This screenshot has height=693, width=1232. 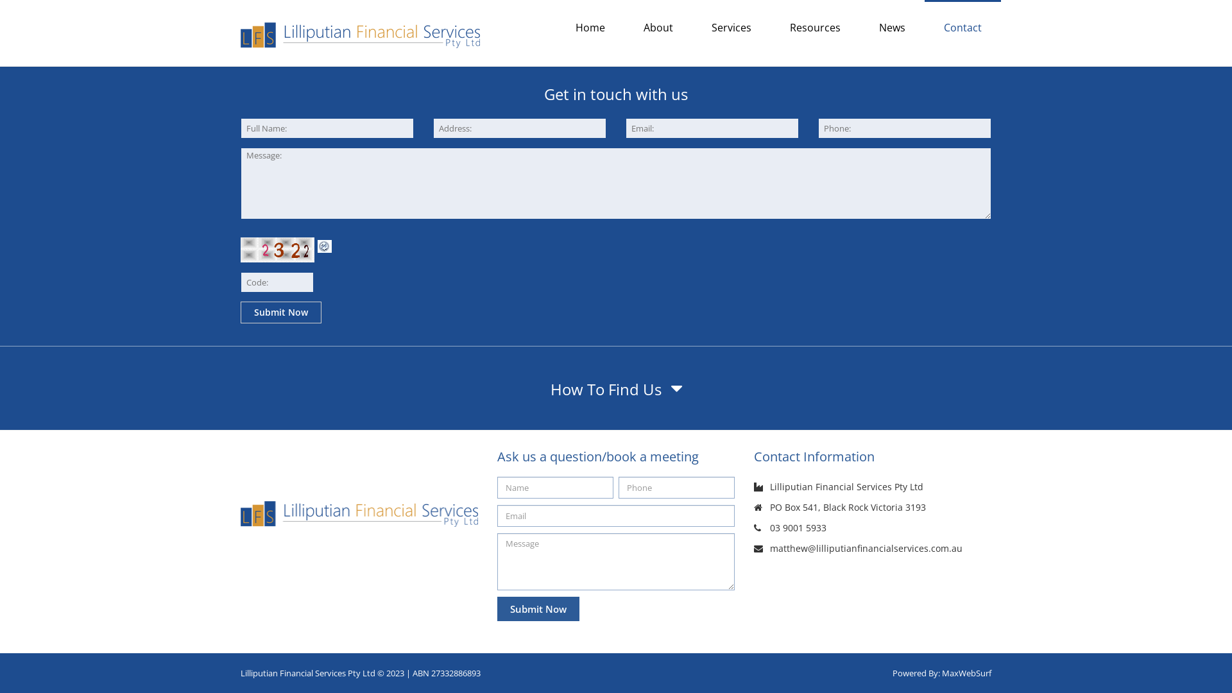 I want to click on 'Submit Now', so click(x=280, y=312).